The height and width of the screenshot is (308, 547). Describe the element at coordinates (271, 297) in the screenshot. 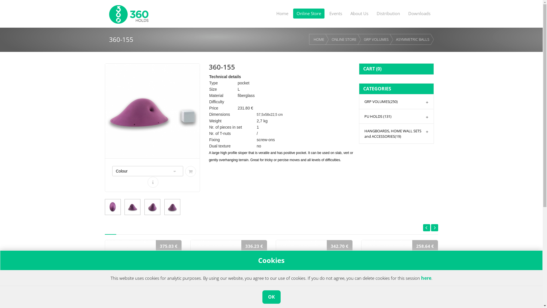

I see `'OK'` at that location.